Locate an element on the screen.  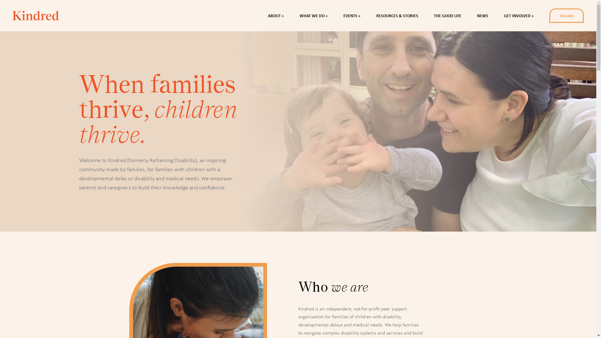
'GET INVOLVED' is located at coordinates (519, 15).